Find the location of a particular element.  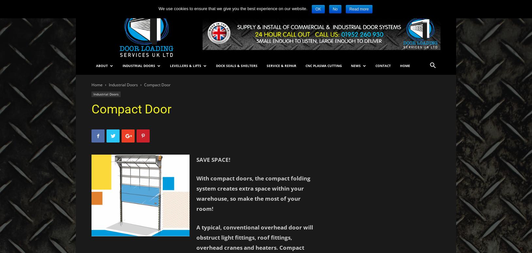

'A typical, conventional overhead door will obstruct light fittings, roof fittings, overhead cranes and heaters.' is located at coordinates (255, 237).